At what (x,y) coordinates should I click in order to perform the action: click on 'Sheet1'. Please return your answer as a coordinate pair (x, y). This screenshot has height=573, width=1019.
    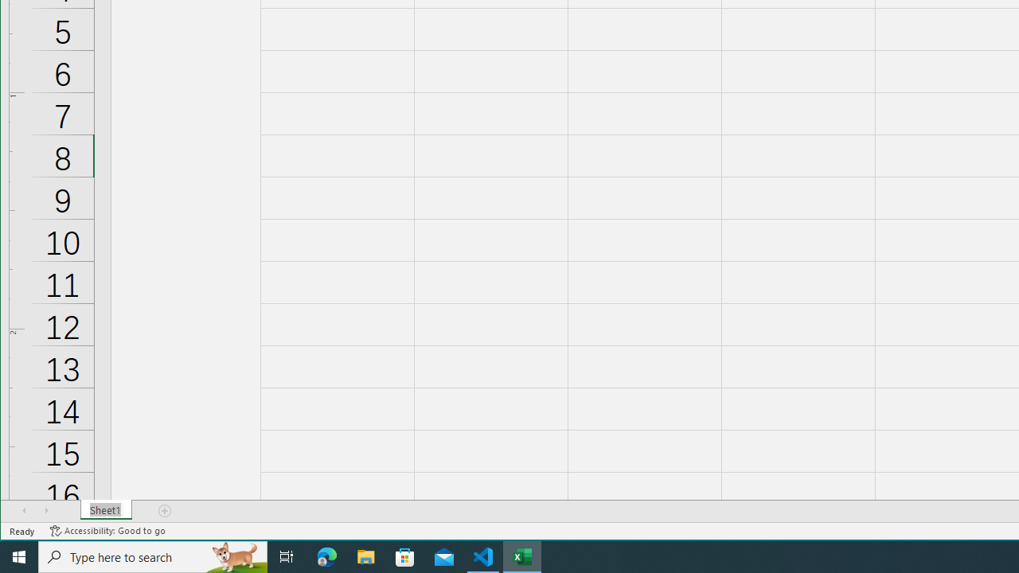
    Looking at the image, I should click on (105, 510).